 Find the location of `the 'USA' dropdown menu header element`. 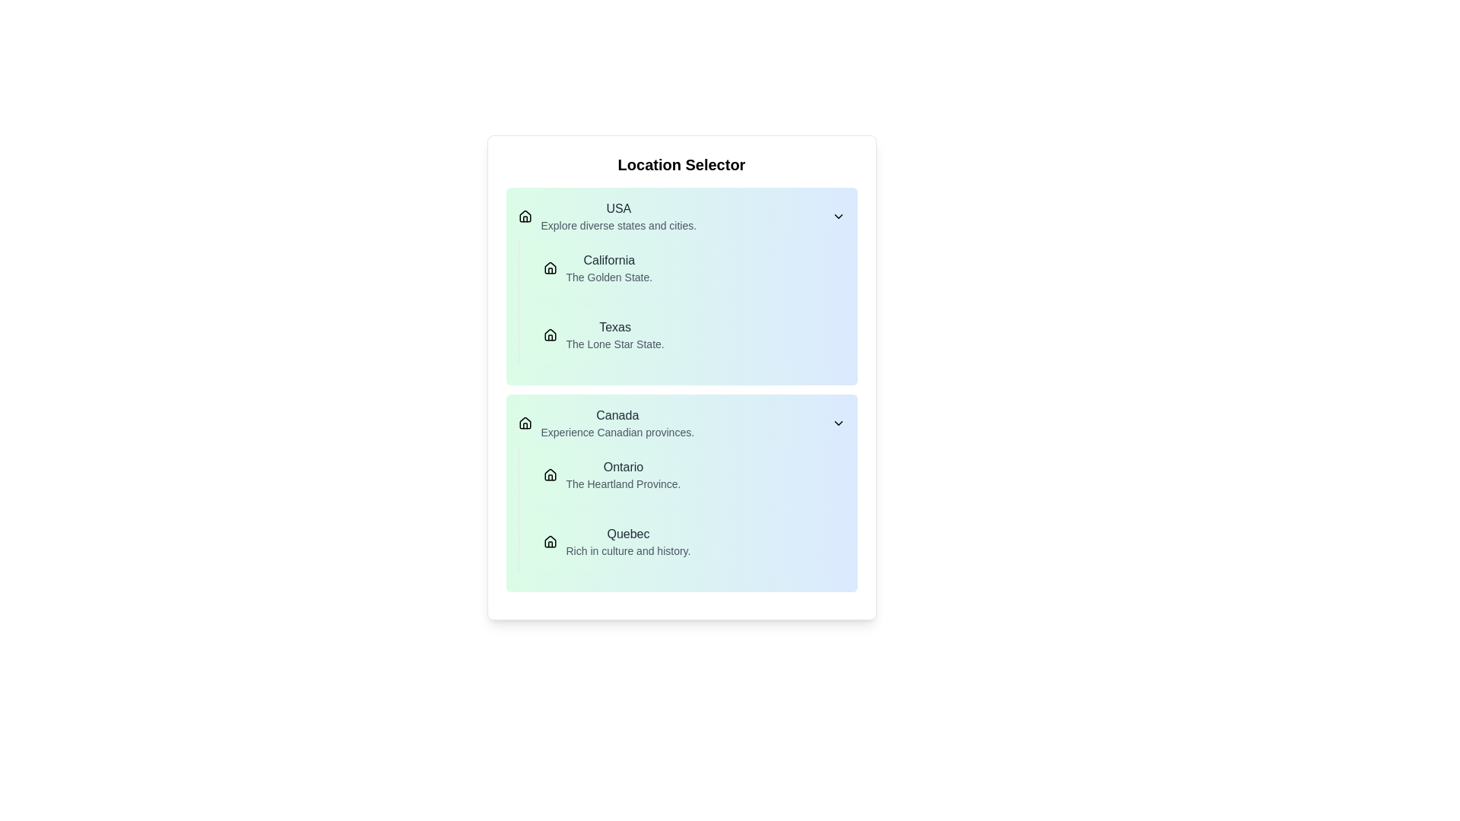

the 'USA' dropdown menu header element is located at coordinates (681, 217).